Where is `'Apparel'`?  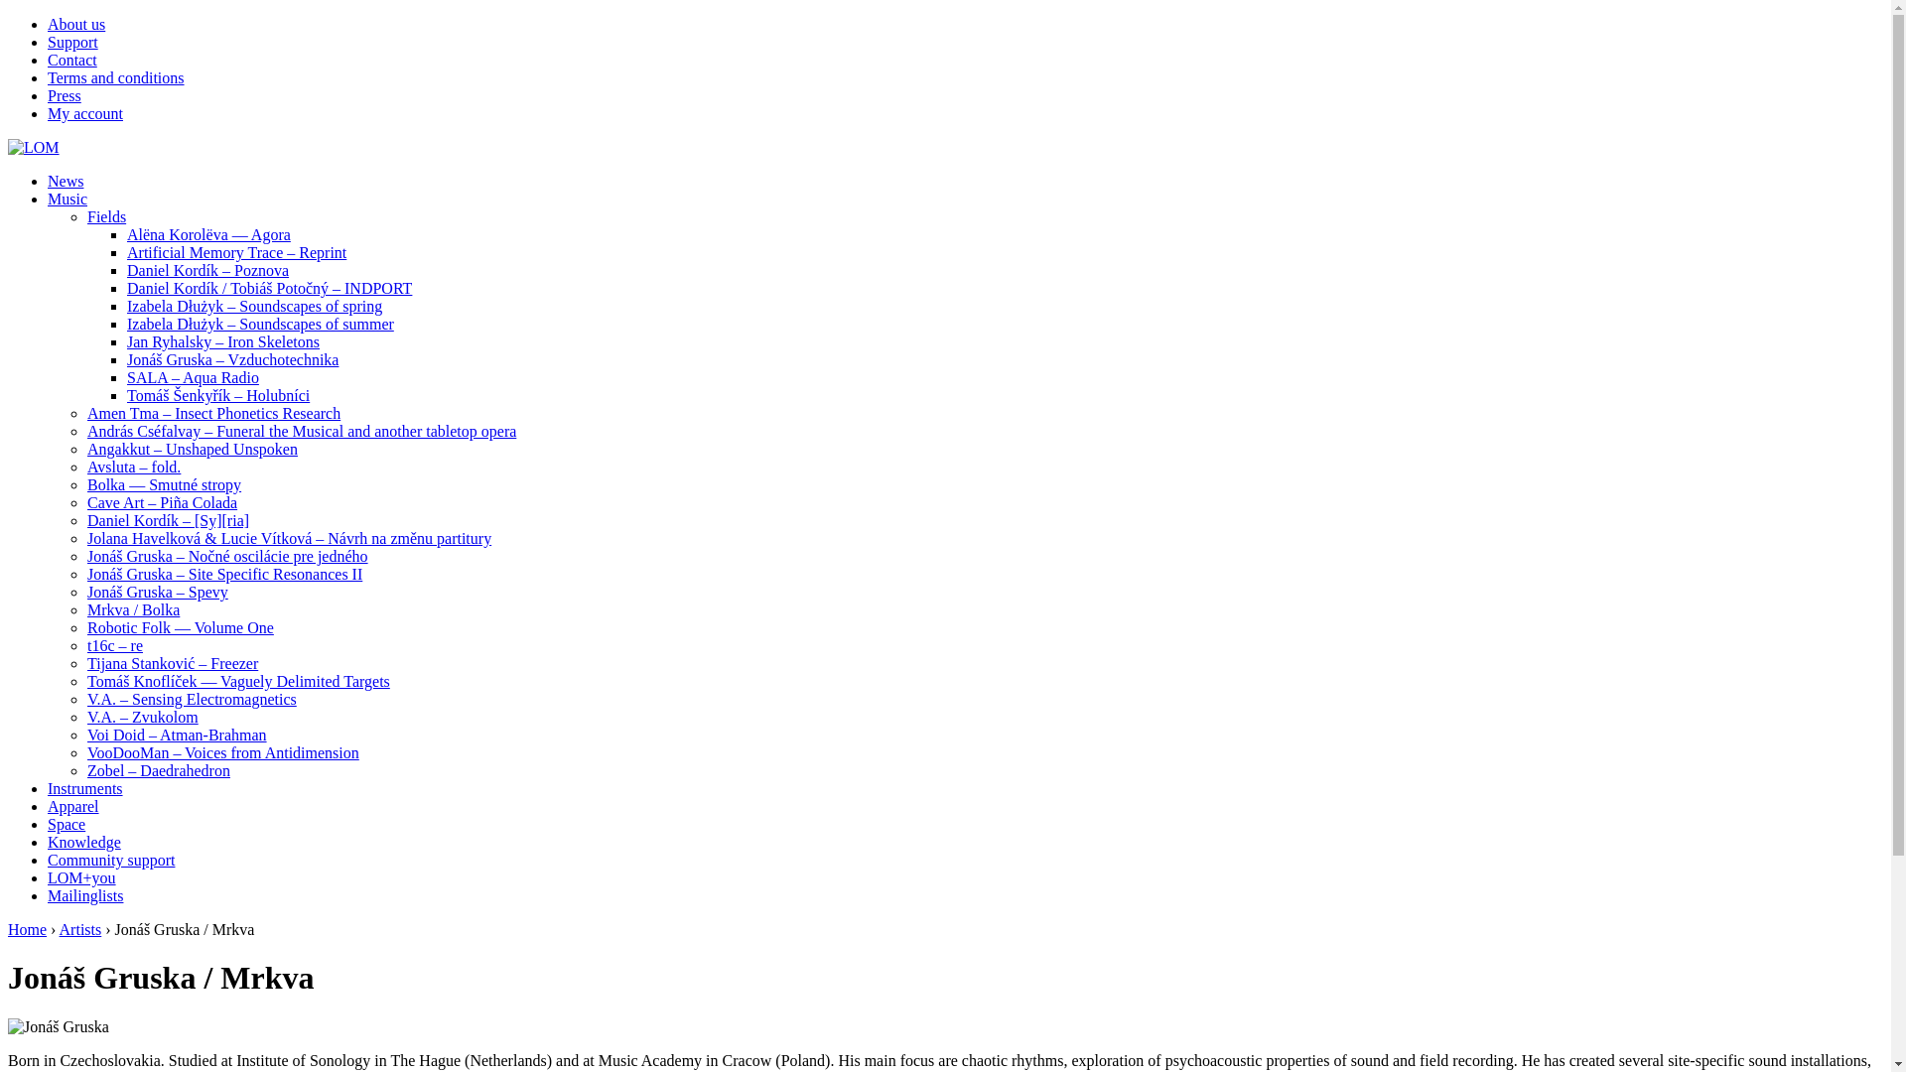
'Apparel' is located at coordinates (72, 806).